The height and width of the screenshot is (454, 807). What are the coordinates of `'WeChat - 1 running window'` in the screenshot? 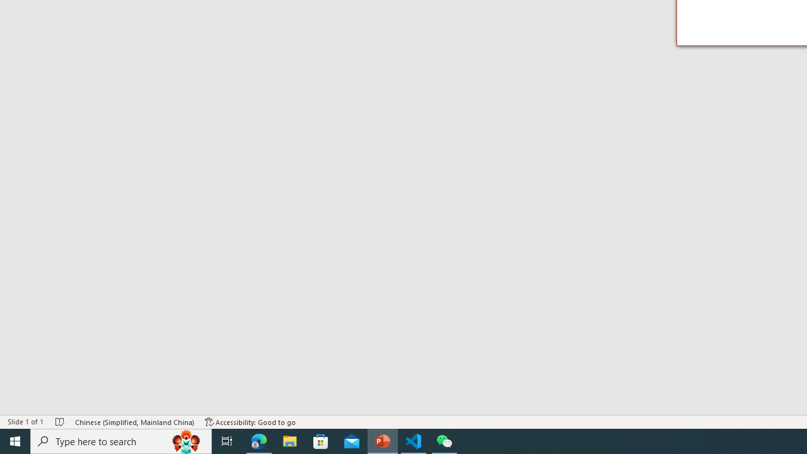 It's located at (444, 440).